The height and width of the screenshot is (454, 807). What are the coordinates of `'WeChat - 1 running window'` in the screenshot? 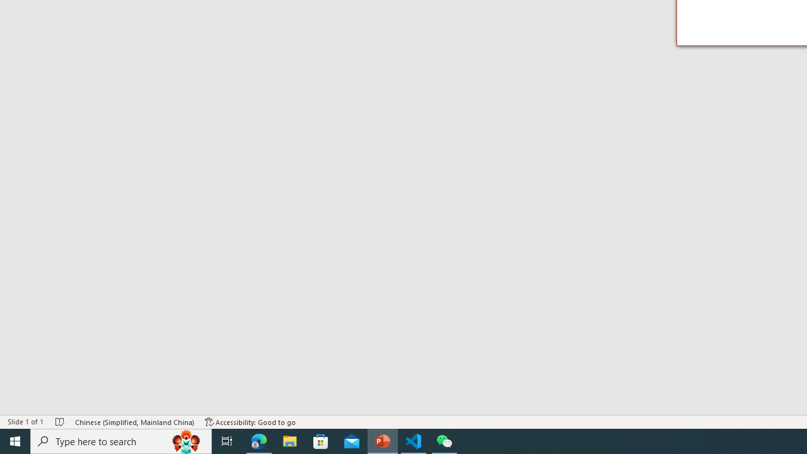 It's located at (444, 440).